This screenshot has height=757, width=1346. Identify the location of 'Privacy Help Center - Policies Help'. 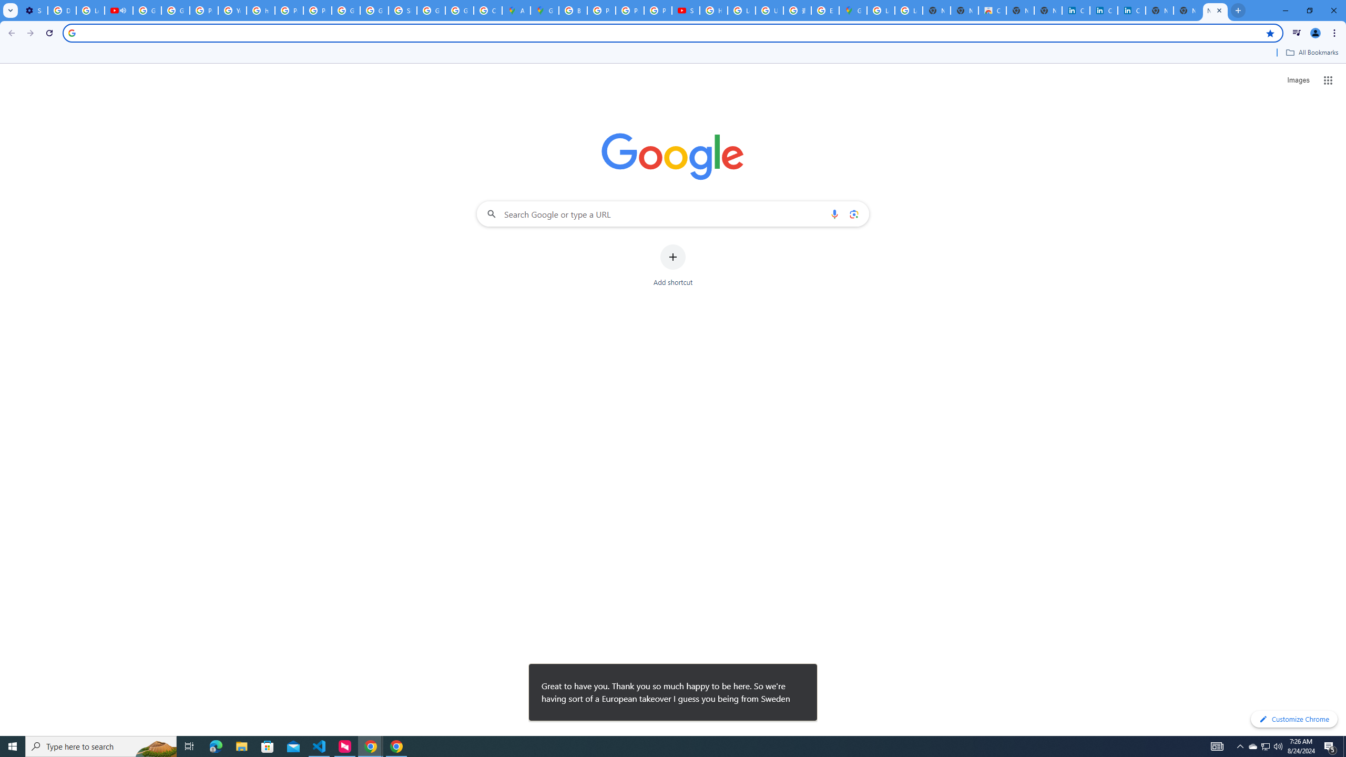
(601, 10).